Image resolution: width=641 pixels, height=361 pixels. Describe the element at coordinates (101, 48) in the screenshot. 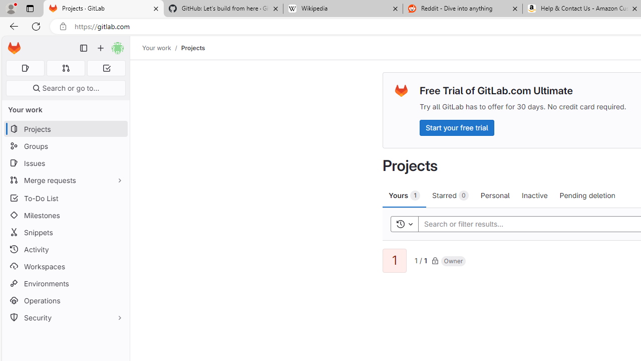

I see `'Create new...'` at that location.